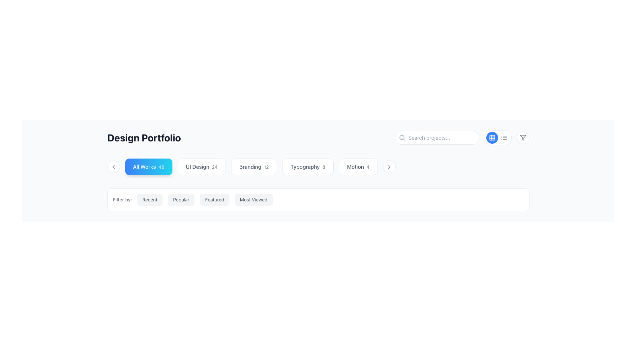  Describe the element at coordinates (144, 137) in the screenshot. I see `the title text element indicating 'Design Portfolio' located at the top-left section of the header area` at that location.